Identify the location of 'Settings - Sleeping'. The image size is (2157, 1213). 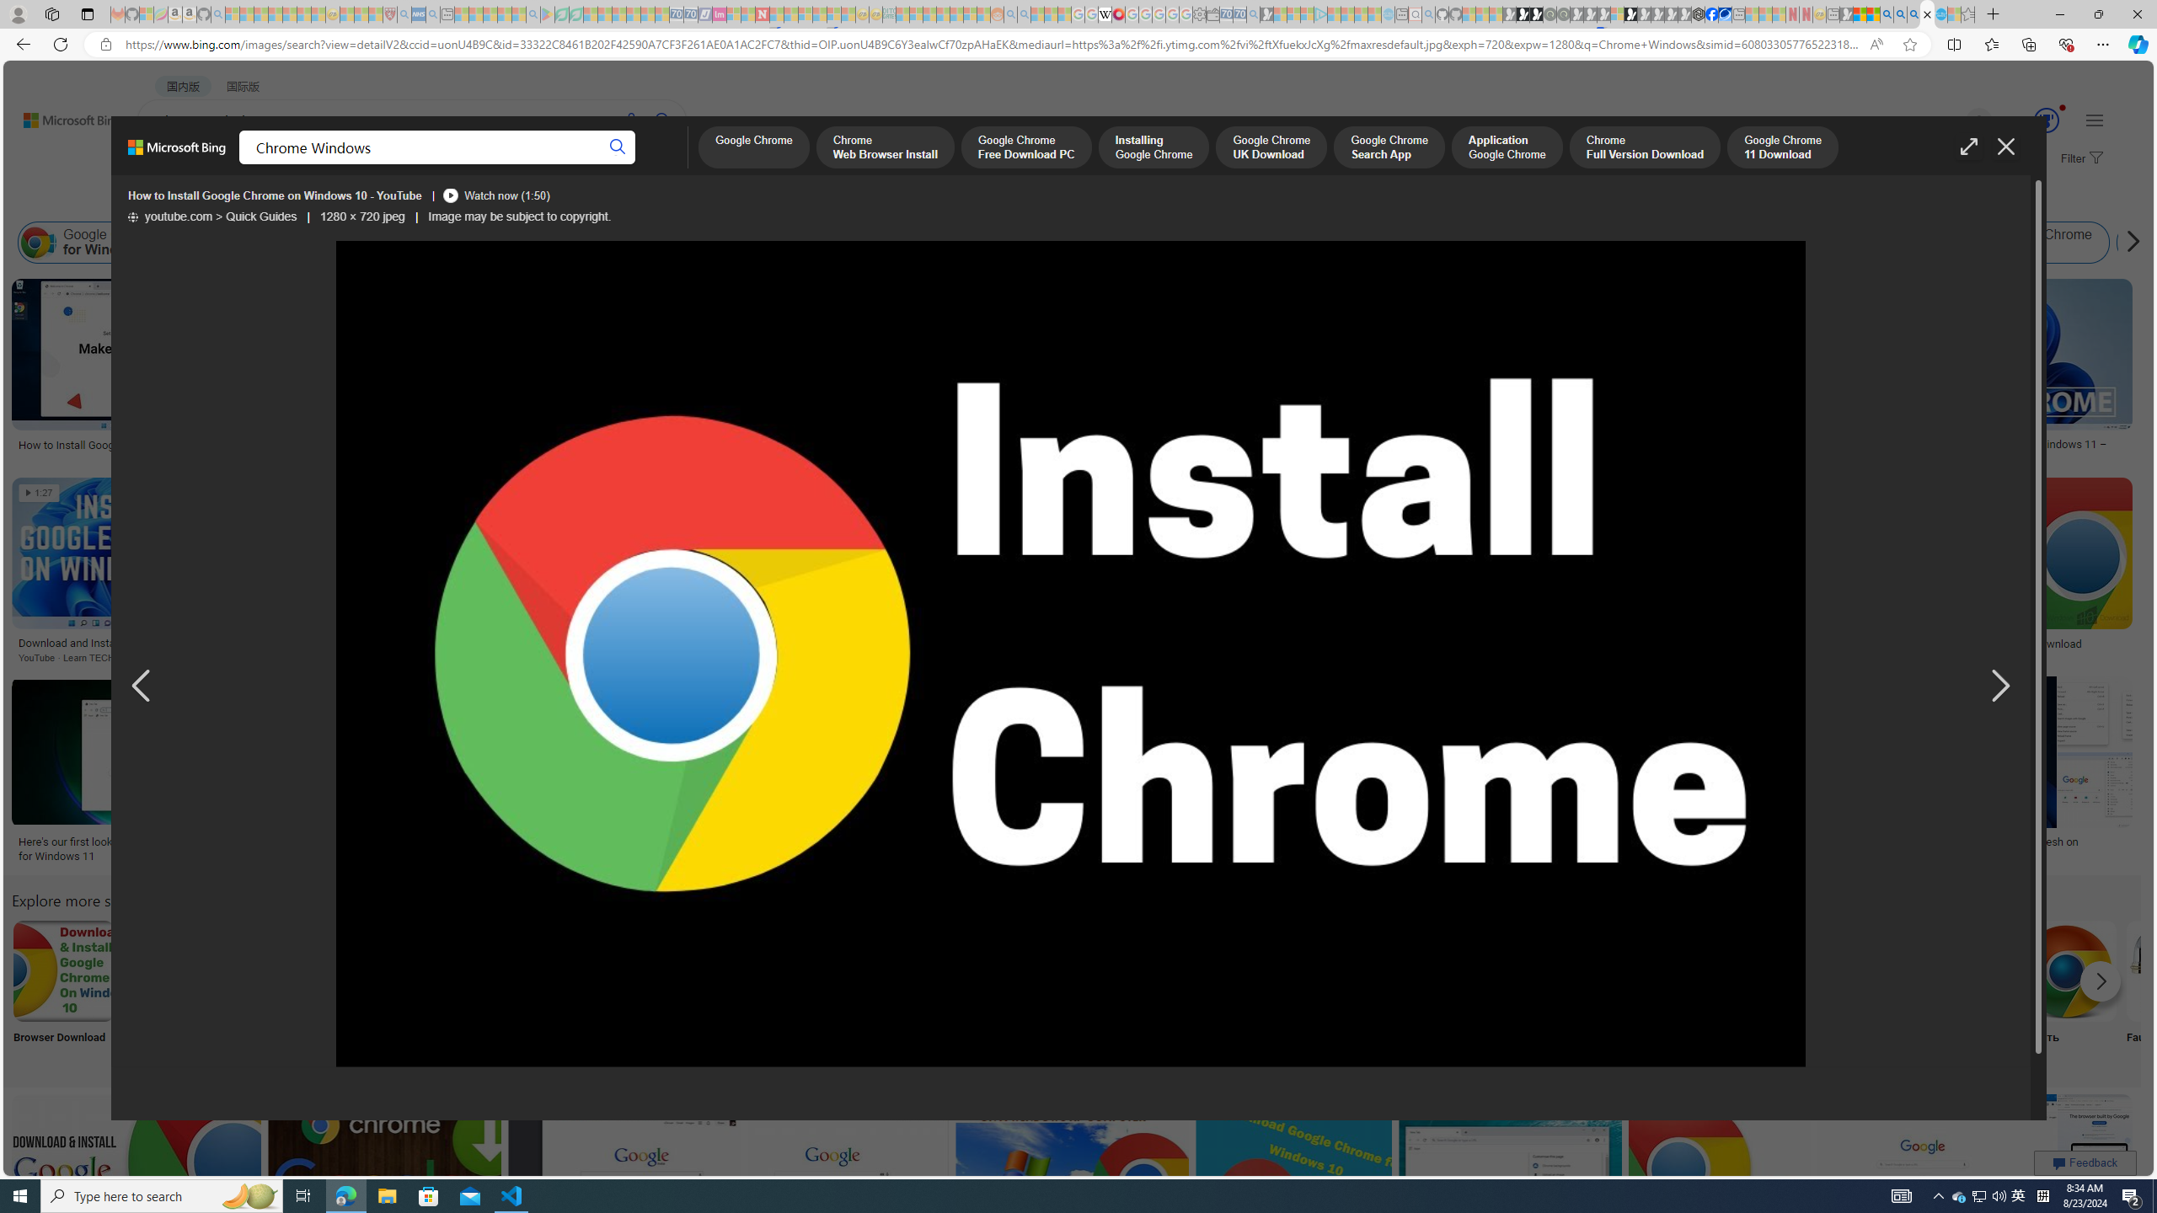
(1198, 13).